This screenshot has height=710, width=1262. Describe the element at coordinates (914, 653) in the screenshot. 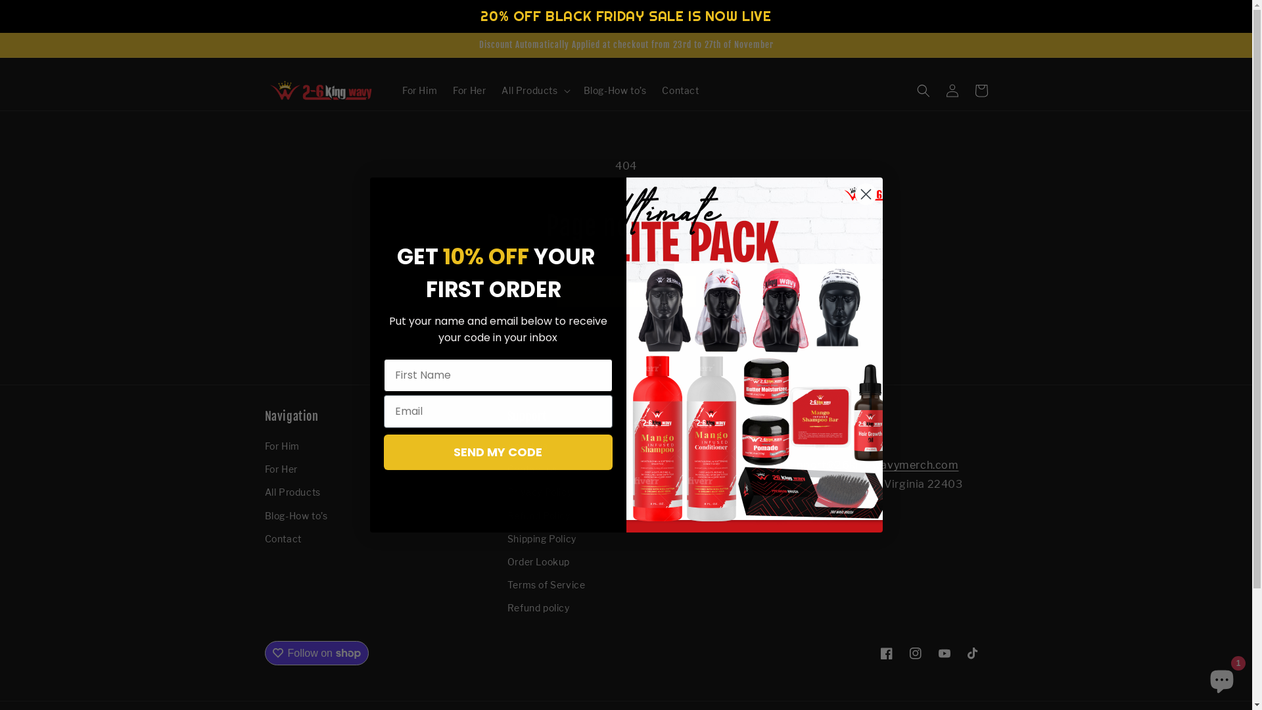

I see `'Instagram'` at that location.